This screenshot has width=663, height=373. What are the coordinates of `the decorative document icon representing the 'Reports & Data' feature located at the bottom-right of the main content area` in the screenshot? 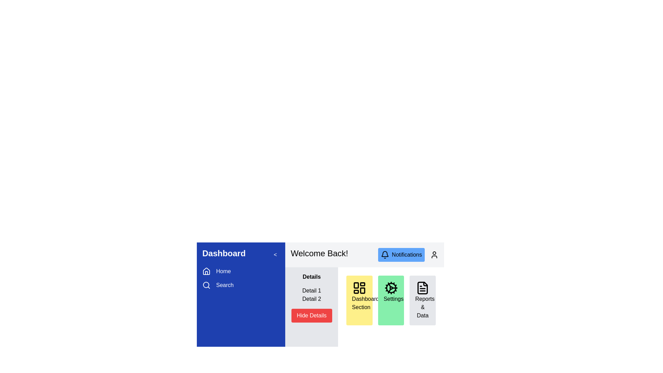 It's located at (422, 288).